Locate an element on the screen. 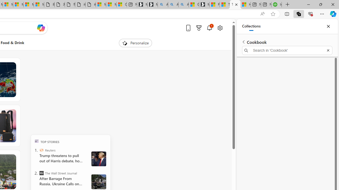 This screenshot has height=190, width=339. 'Search in ' is located at coordinates (287, 50).